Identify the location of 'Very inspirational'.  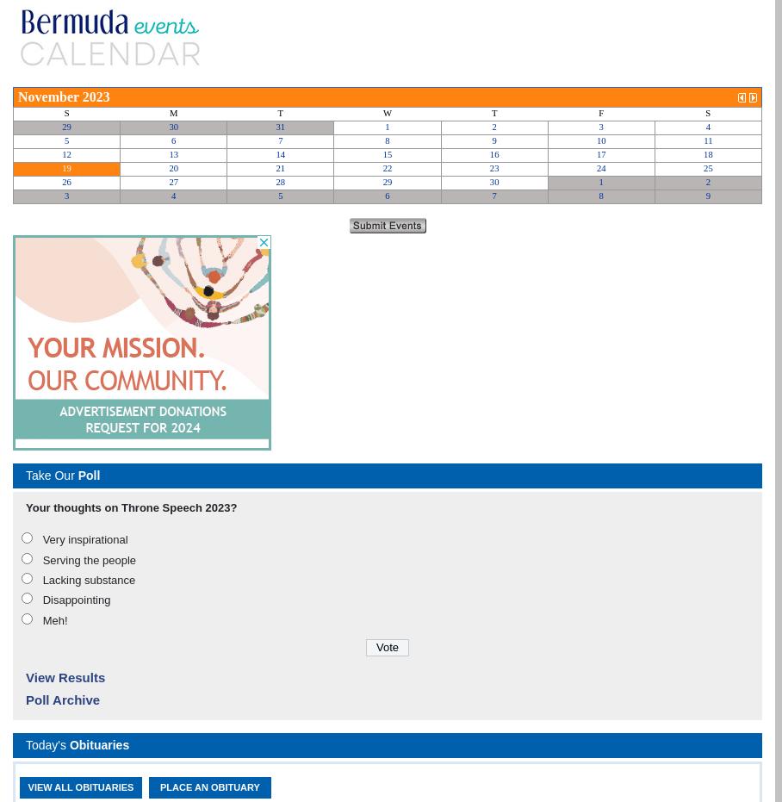
(84, 539).